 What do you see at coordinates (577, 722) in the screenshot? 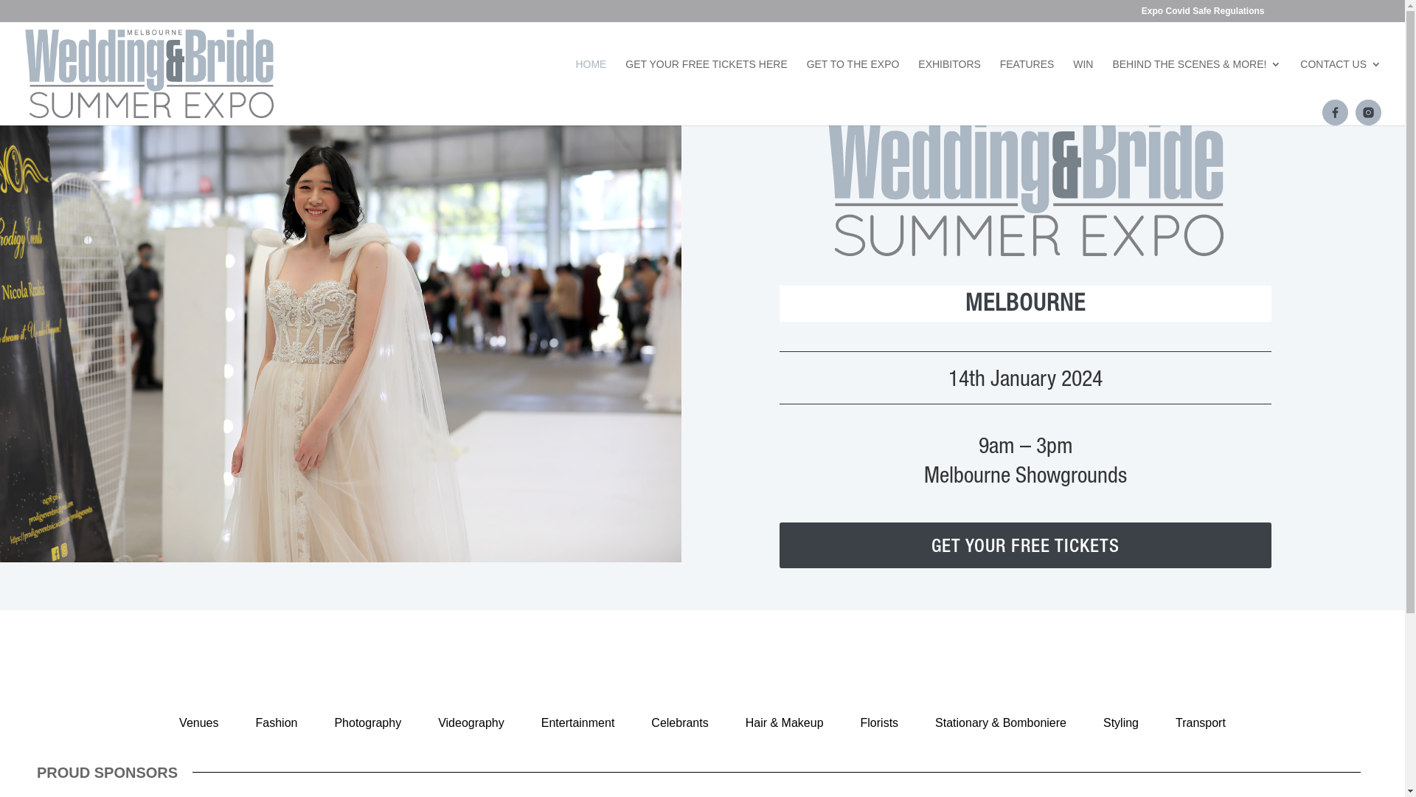
I see `'Entertainment'` at bounding box center [577, 722].